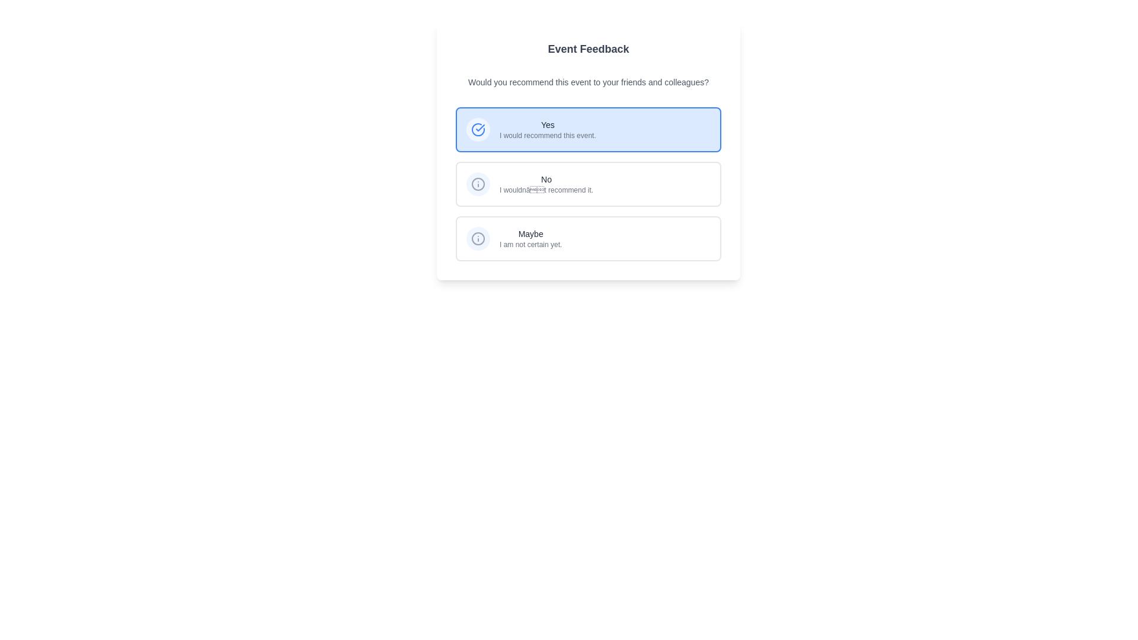  What do you see at coordinates (545, 180) in the screenshot?
I see `the negative response Text Label in the feedback form, which is located directly below the 'Yes' option and above the 'Maybe' option in the middle selection of the vertical list` at bounding box center [545, 180].